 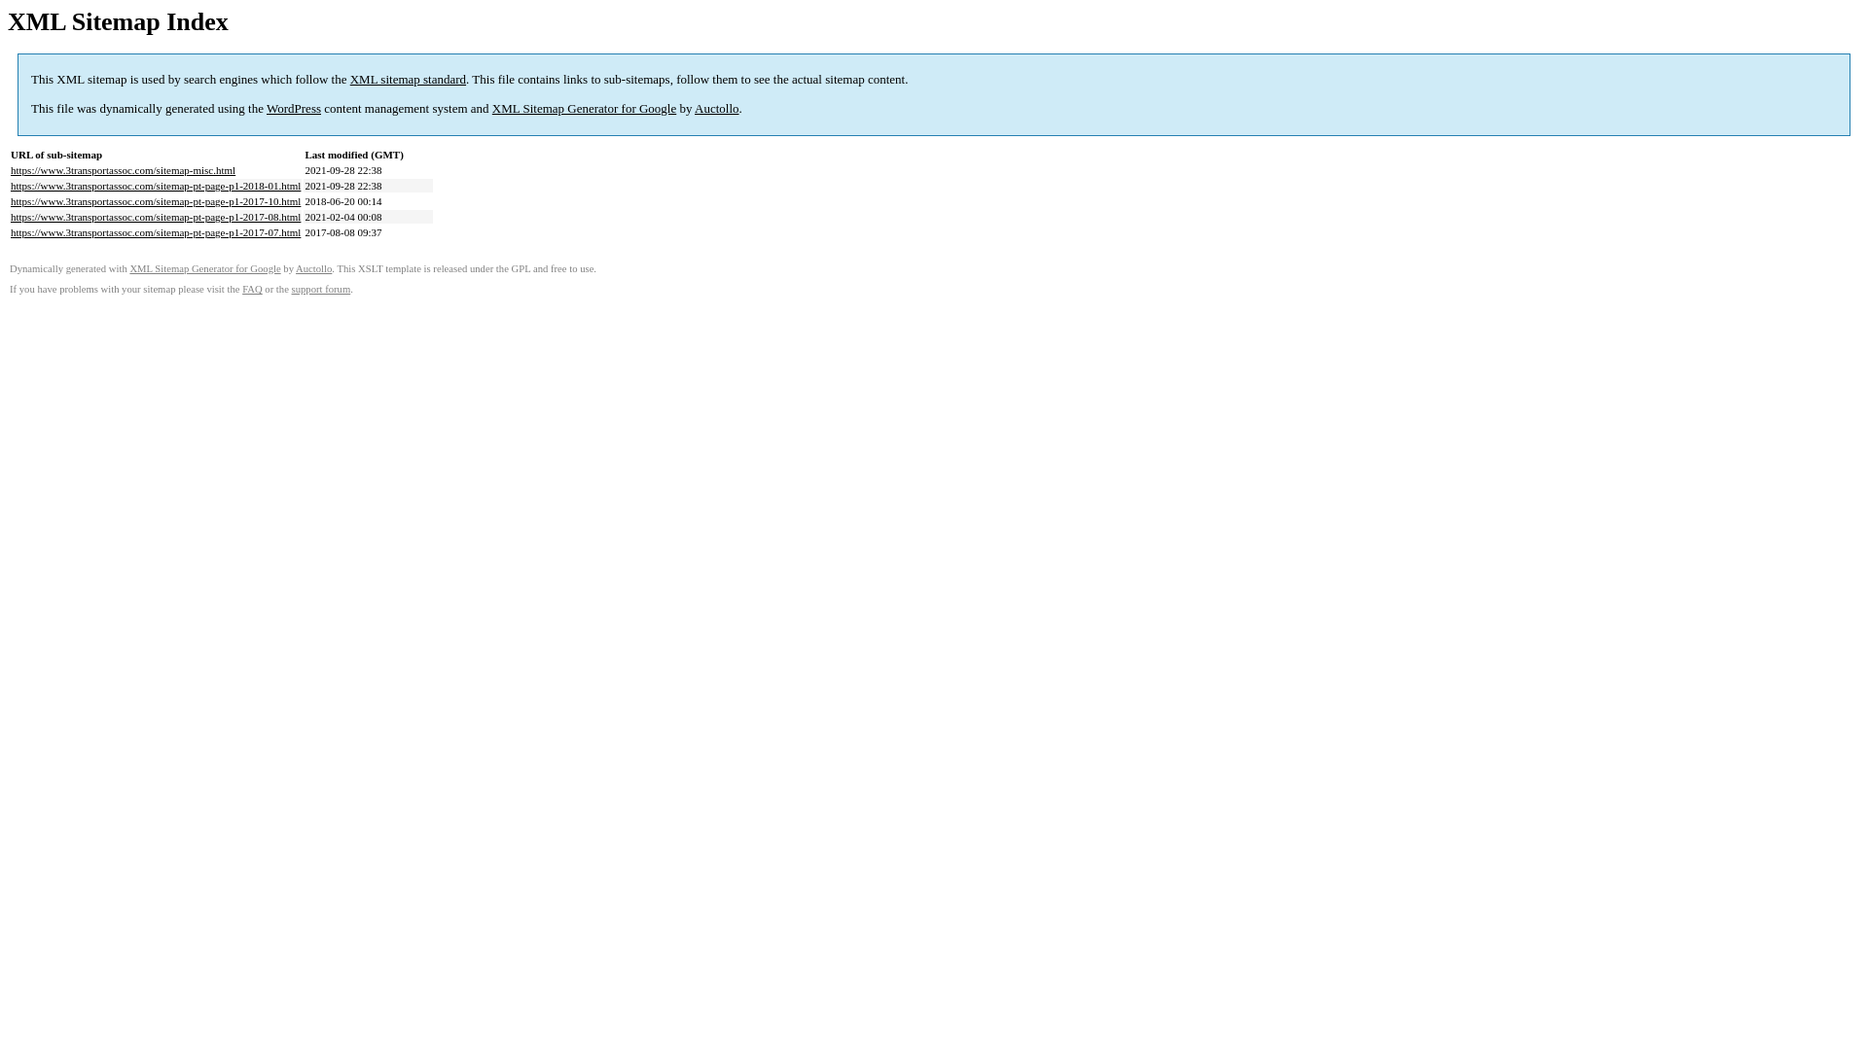 What do you see at coordinates (293, 108) in the screenshot?
I see `'WordPress'` at bounding box center [293, 108].